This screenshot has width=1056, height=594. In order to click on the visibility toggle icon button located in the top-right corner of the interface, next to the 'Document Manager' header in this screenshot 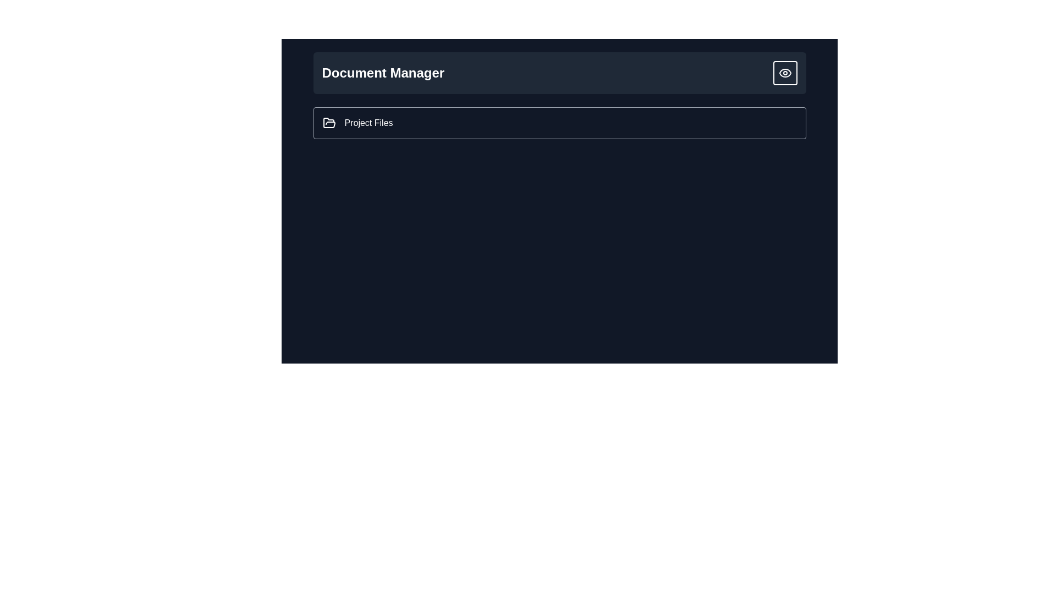, I will do `click(784, 73)`.